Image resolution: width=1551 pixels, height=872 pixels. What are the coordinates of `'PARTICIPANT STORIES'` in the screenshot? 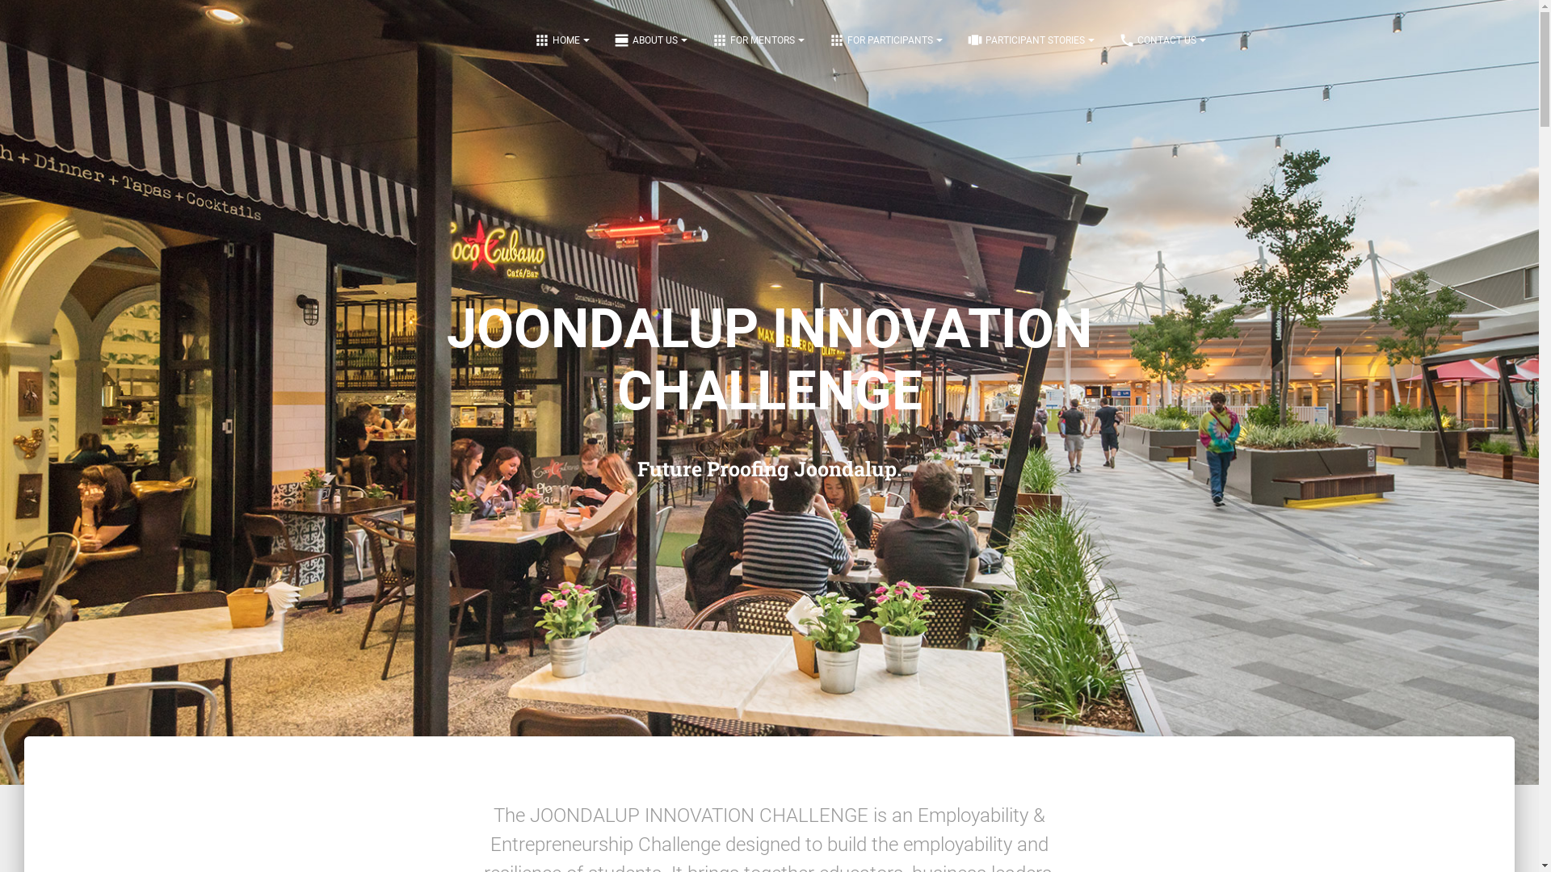 It's located at (1030, 40).